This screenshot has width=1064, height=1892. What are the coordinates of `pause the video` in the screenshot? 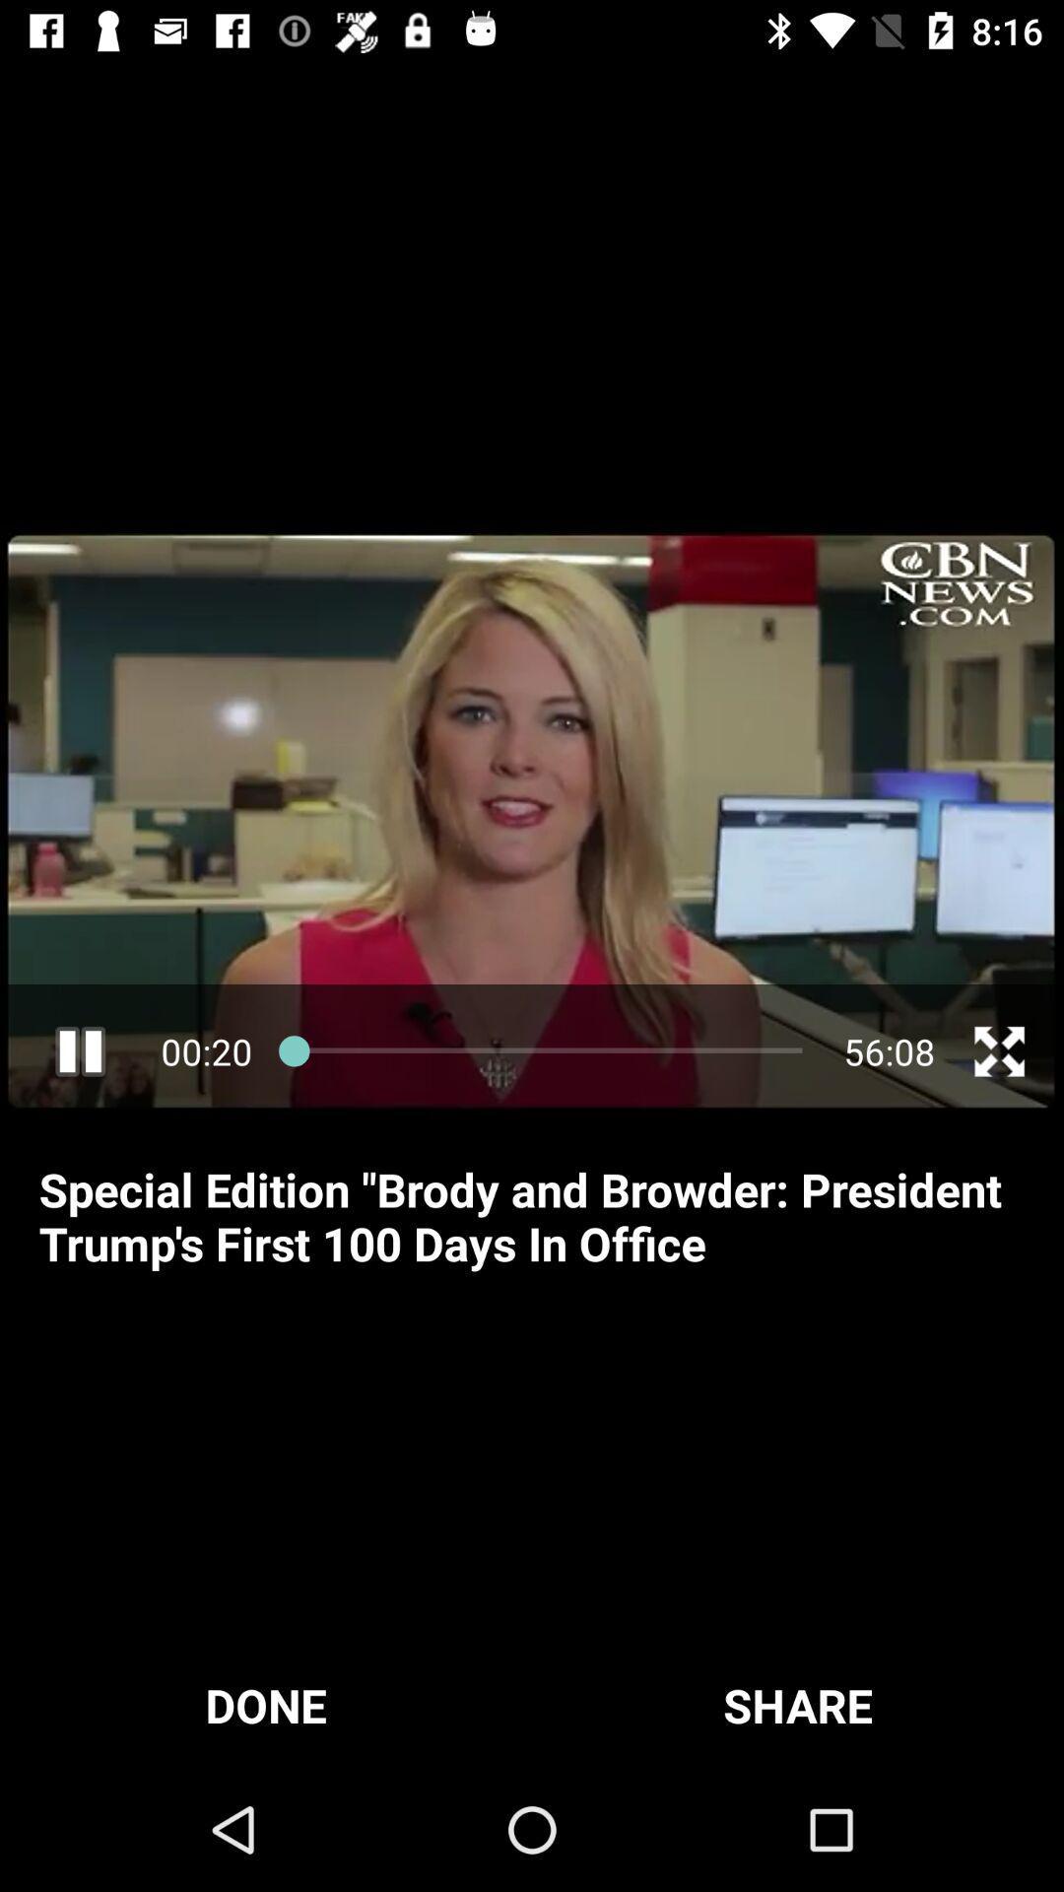 It's located at (79, 1050).